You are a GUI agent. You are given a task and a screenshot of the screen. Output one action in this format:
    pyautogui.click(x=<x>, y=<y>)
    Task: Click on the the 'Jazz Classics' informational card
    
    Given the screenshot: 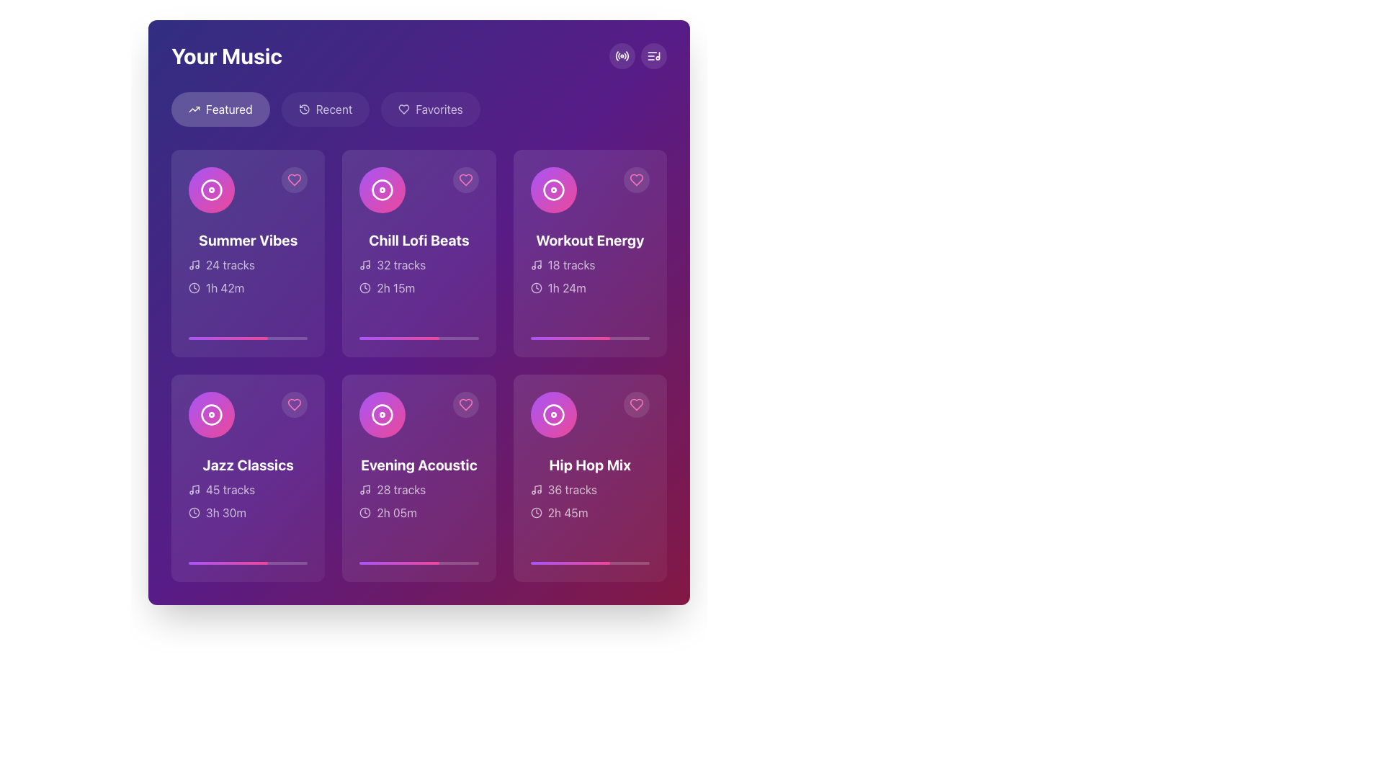 What is the action you would take?
    pyautogui.click(x=248, y=488)
    